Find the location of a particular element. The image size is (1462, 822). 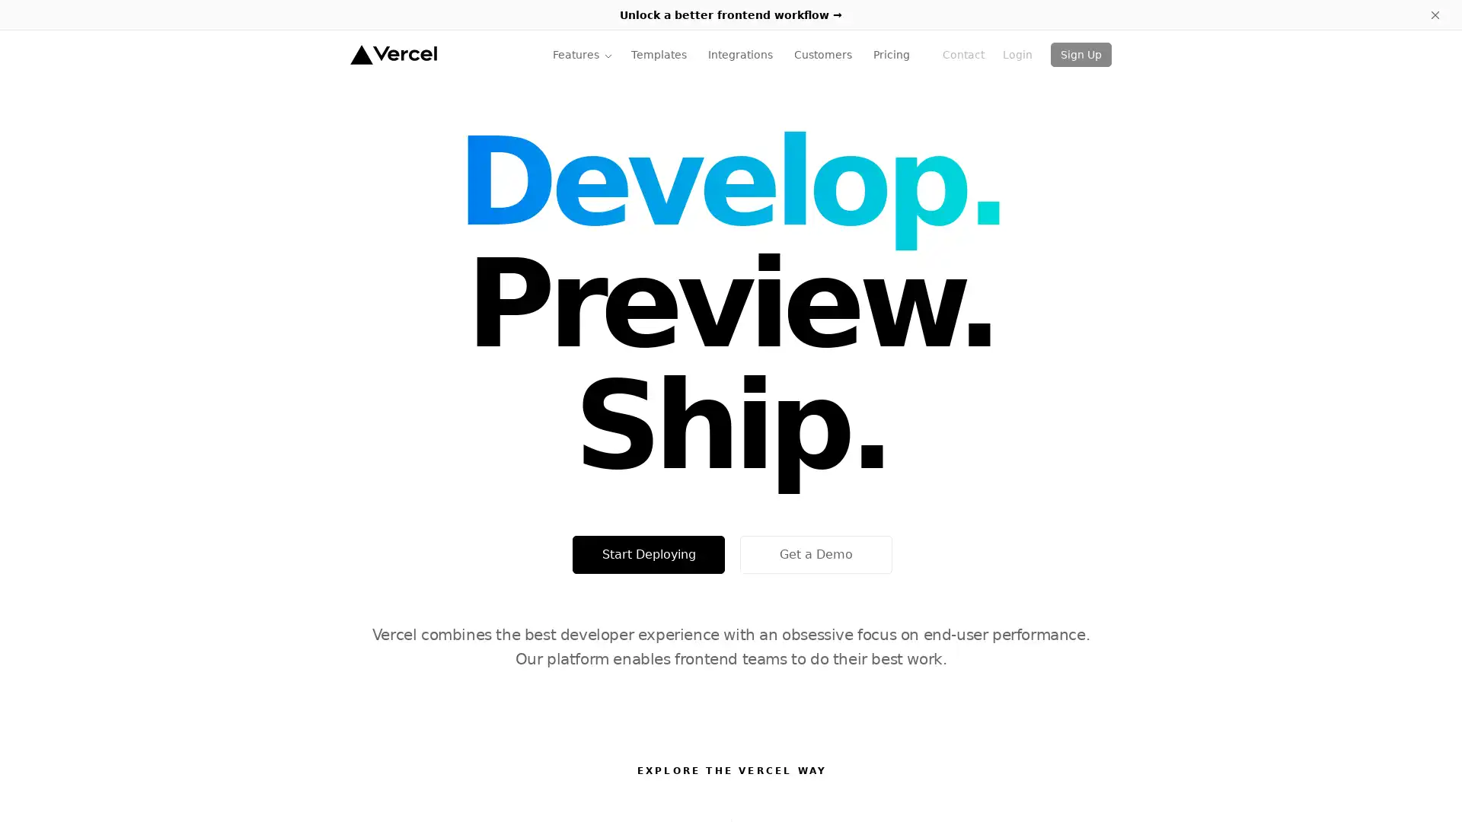

Features is located at coordinates (582, 54).